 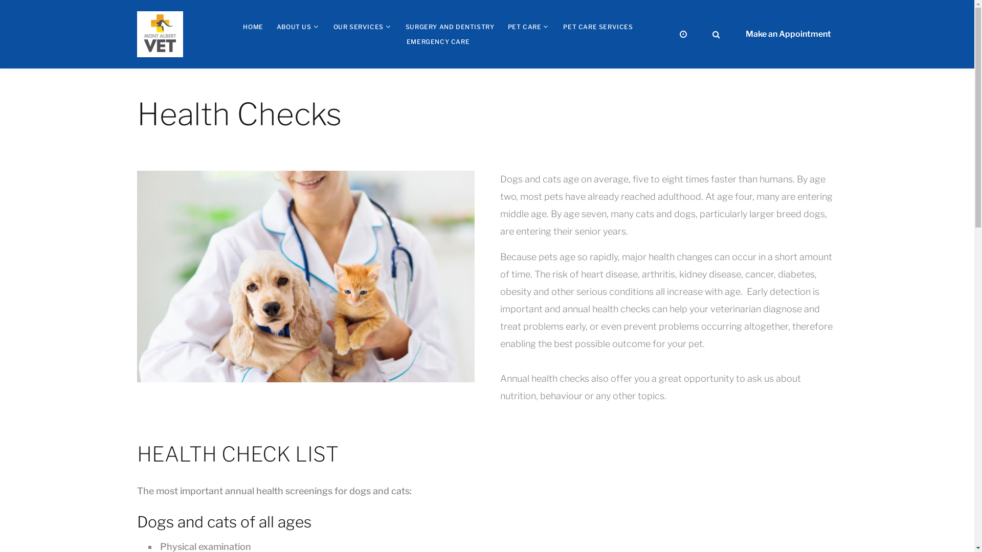 I want to click on 'HOME', so click(x=253, y=26).